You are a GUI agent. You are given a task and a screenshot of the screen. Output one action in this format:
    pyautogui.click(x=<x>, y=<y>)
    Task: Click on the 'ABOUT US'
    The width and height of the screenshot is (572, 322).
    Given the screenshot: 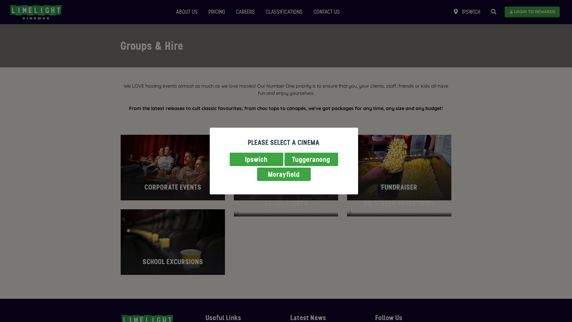 What is the action you would take?
    pyautogui.click(x=186, y=12)
    